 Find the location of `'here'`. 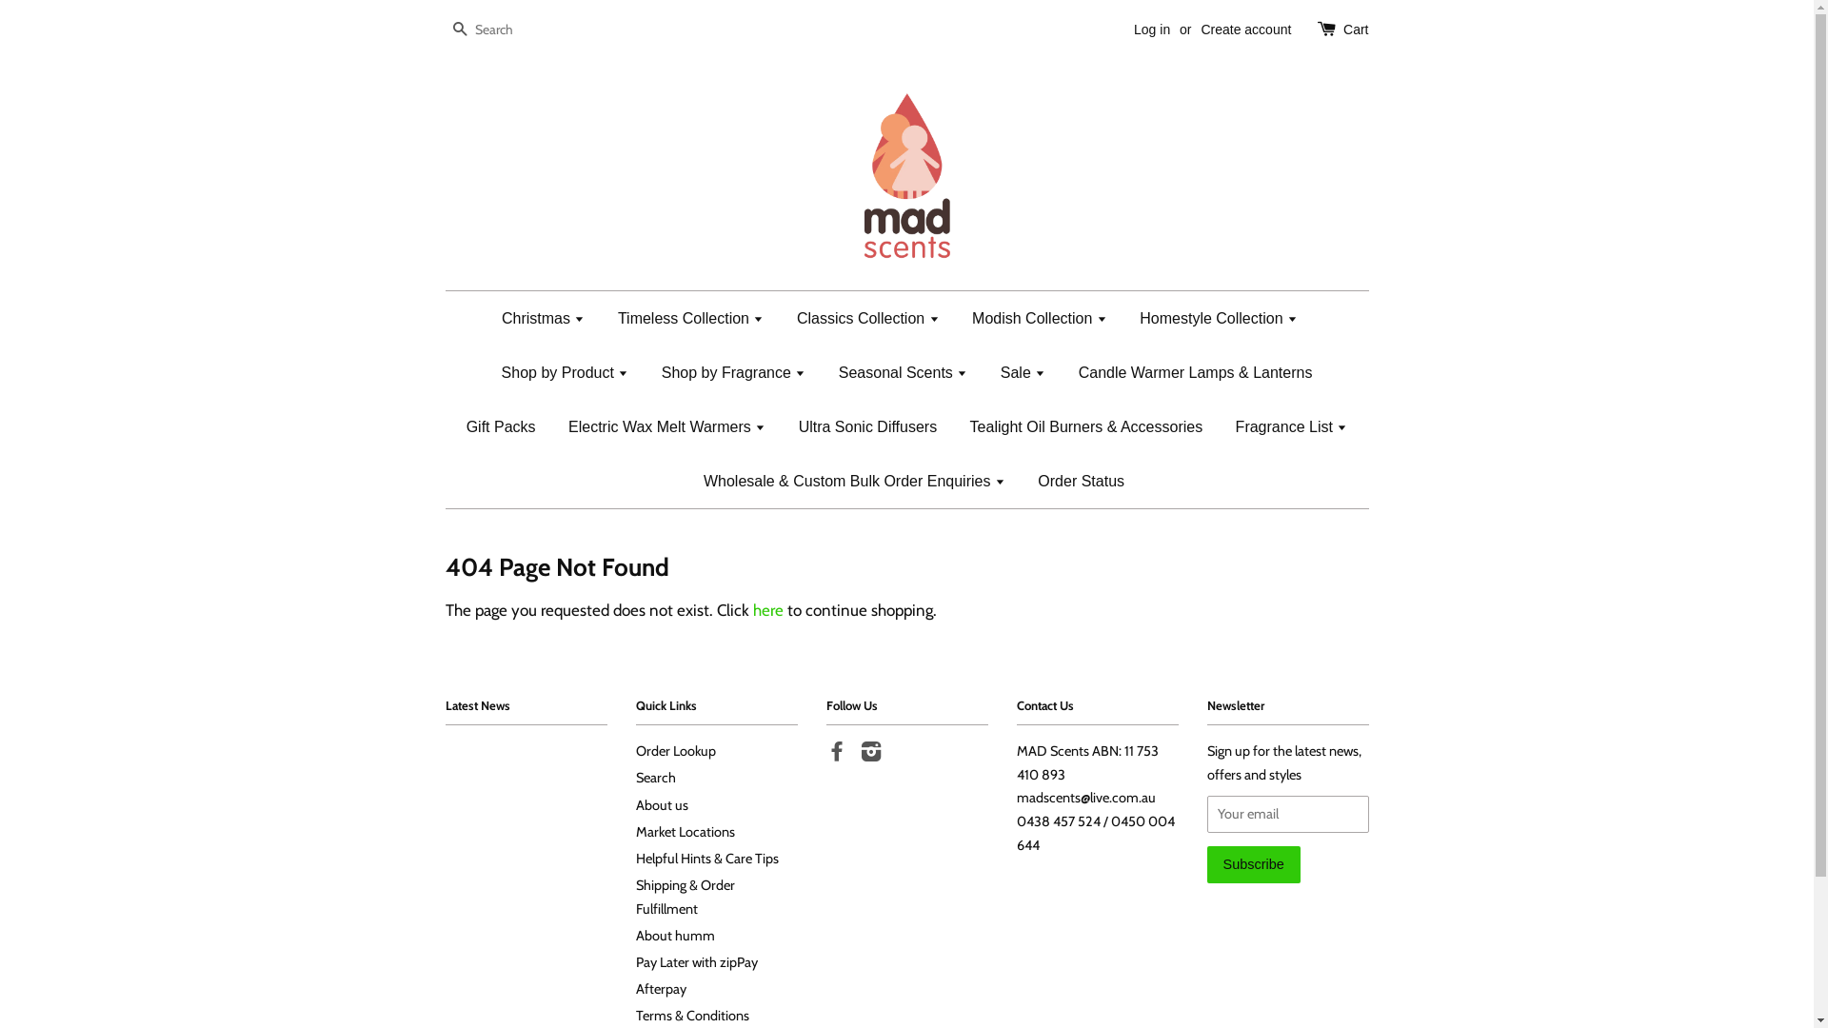

'here' is located at coordinates (767, 609).